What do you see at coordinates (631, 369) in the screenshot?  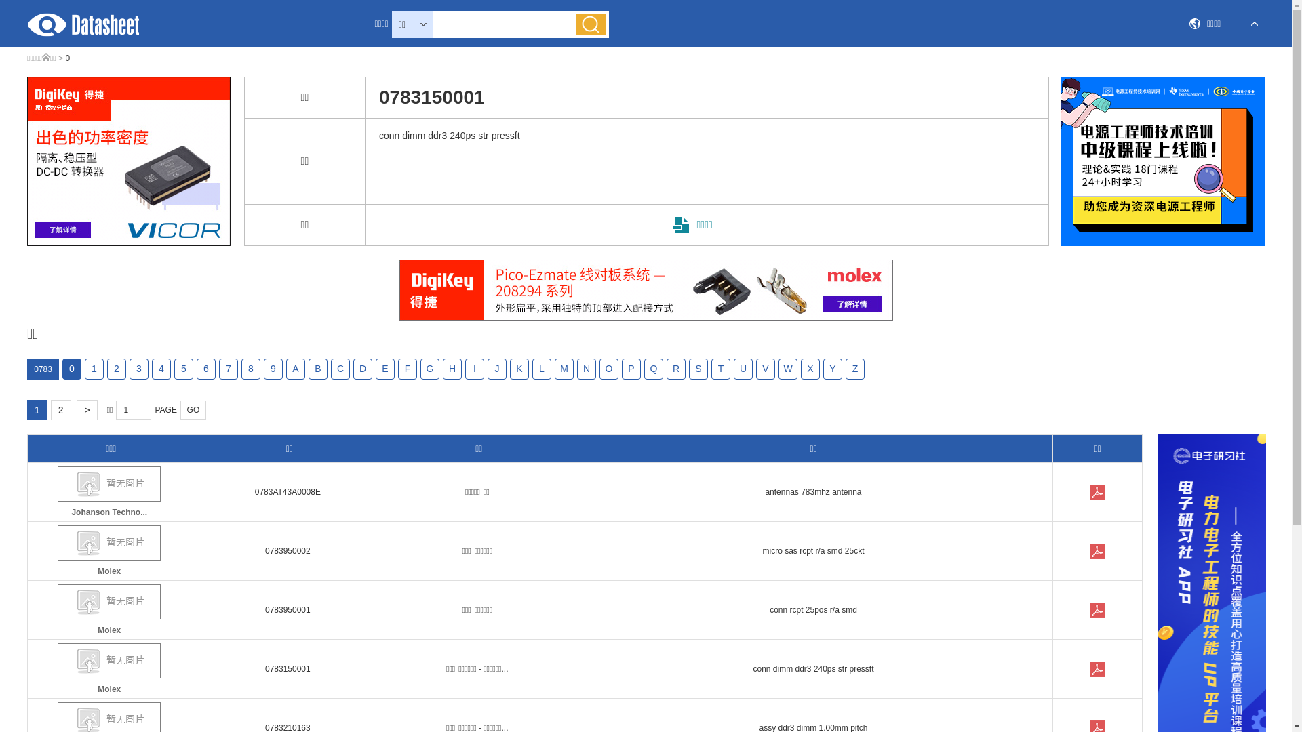 I see `'P'` at bounding box center [631, 369].